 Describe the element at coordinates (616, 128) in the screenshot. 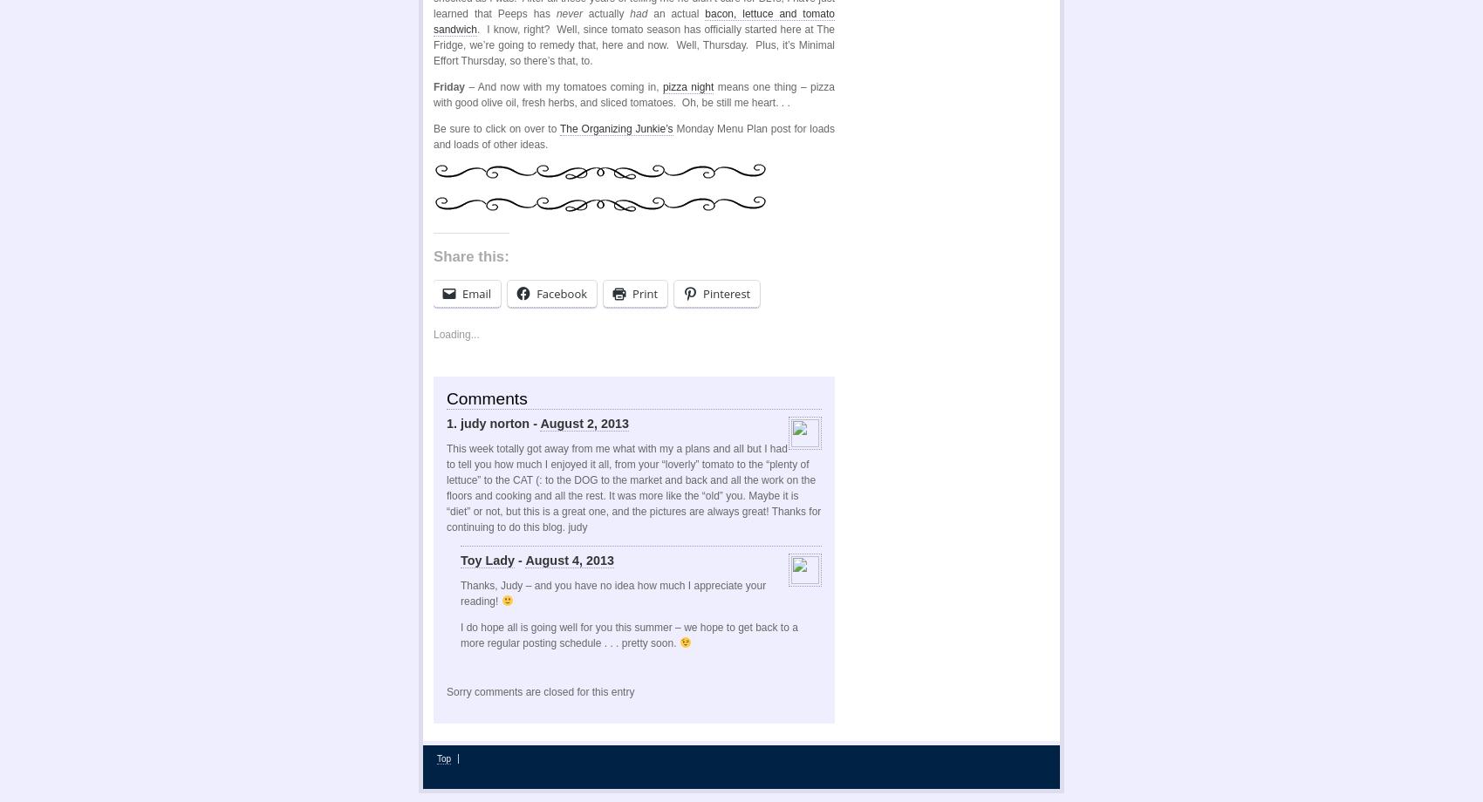

I see `'The Organizing Junkie’s'` at that location.